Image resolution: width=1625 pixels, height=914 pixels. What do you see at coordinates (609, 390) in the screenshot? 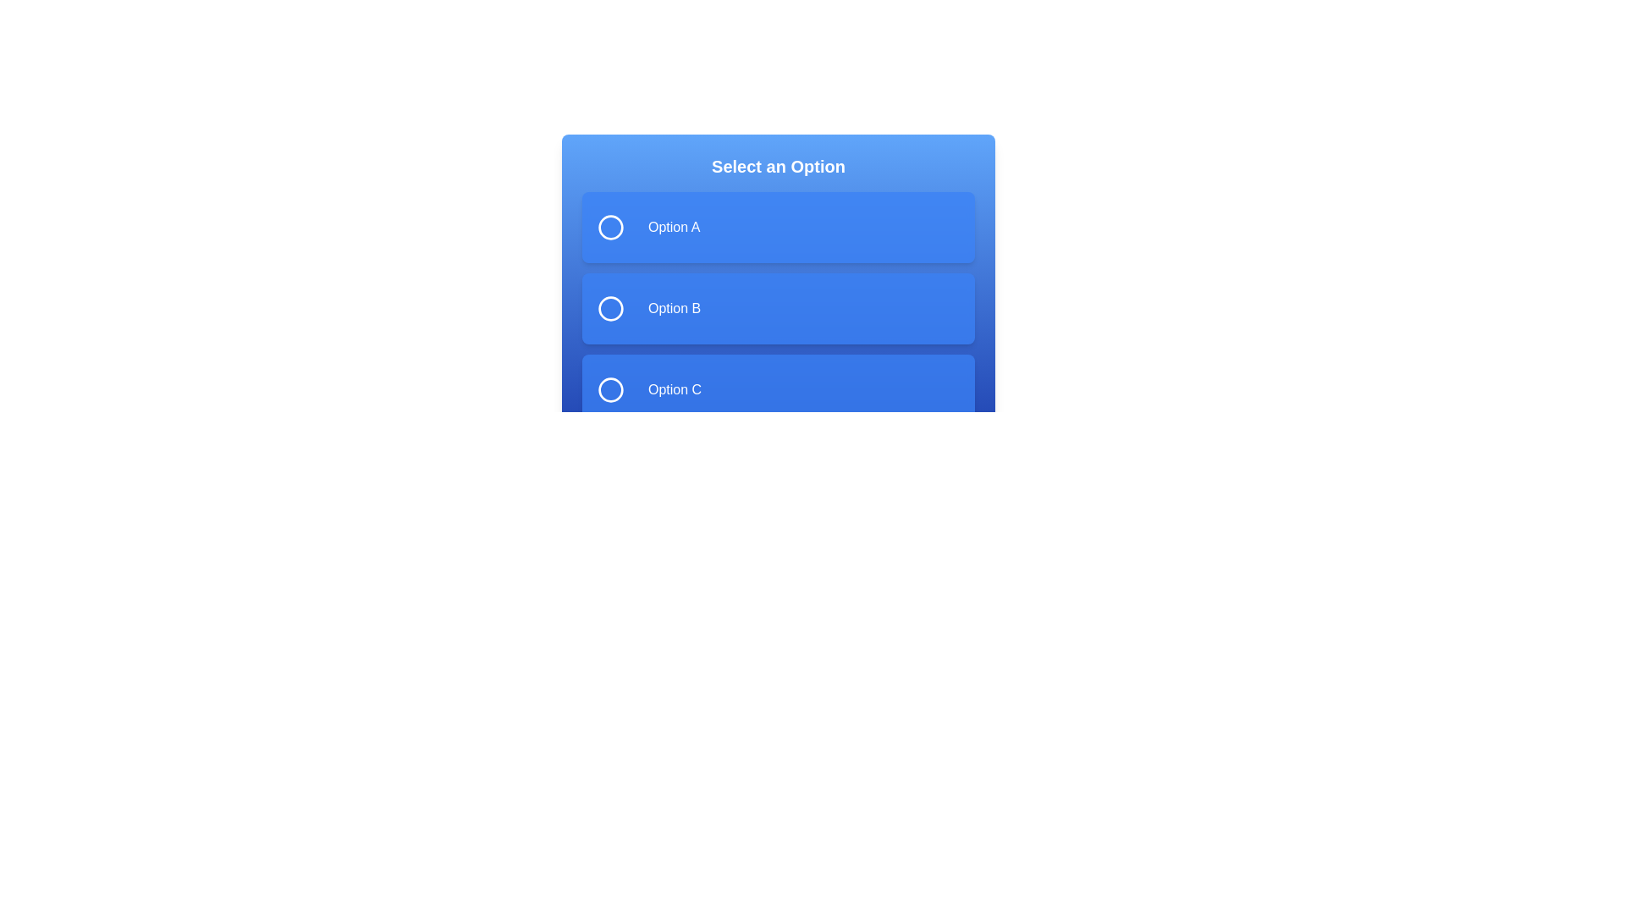
I see `the circular radio button indicator for 'Option C'` at bounding box center [609, 390].